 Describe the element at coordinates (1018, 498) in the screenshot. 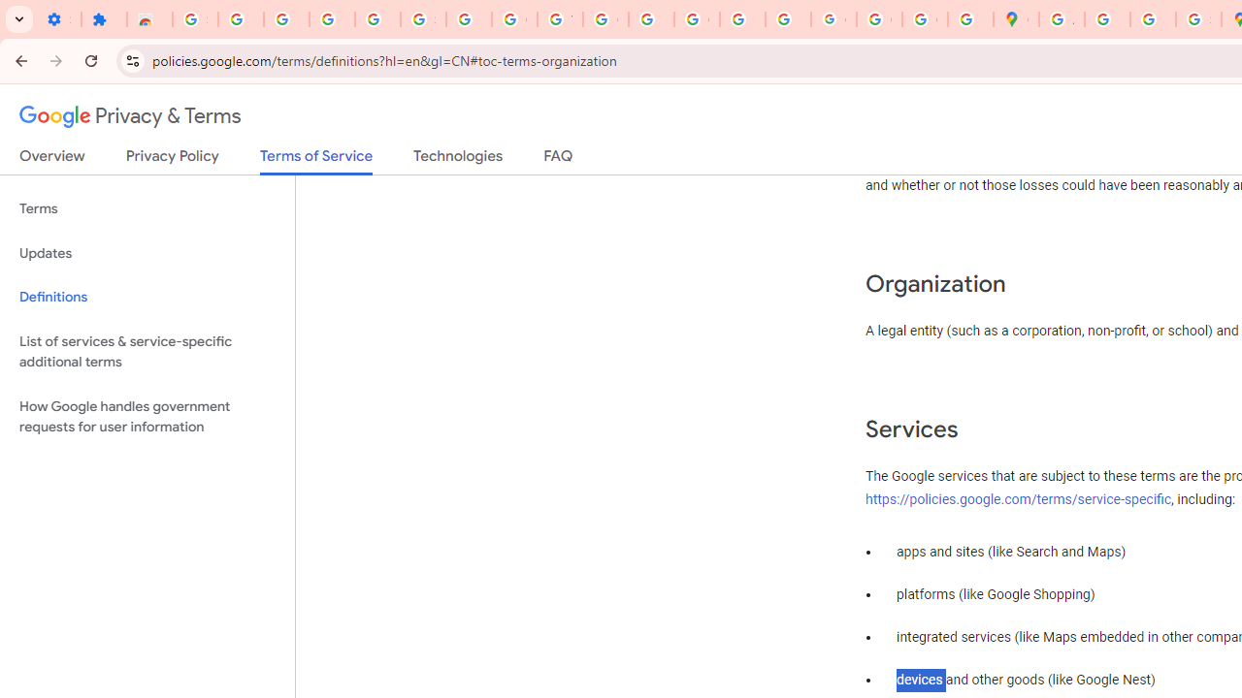

I see `'https://policies.google.com/terms/service-specific'` at that location.